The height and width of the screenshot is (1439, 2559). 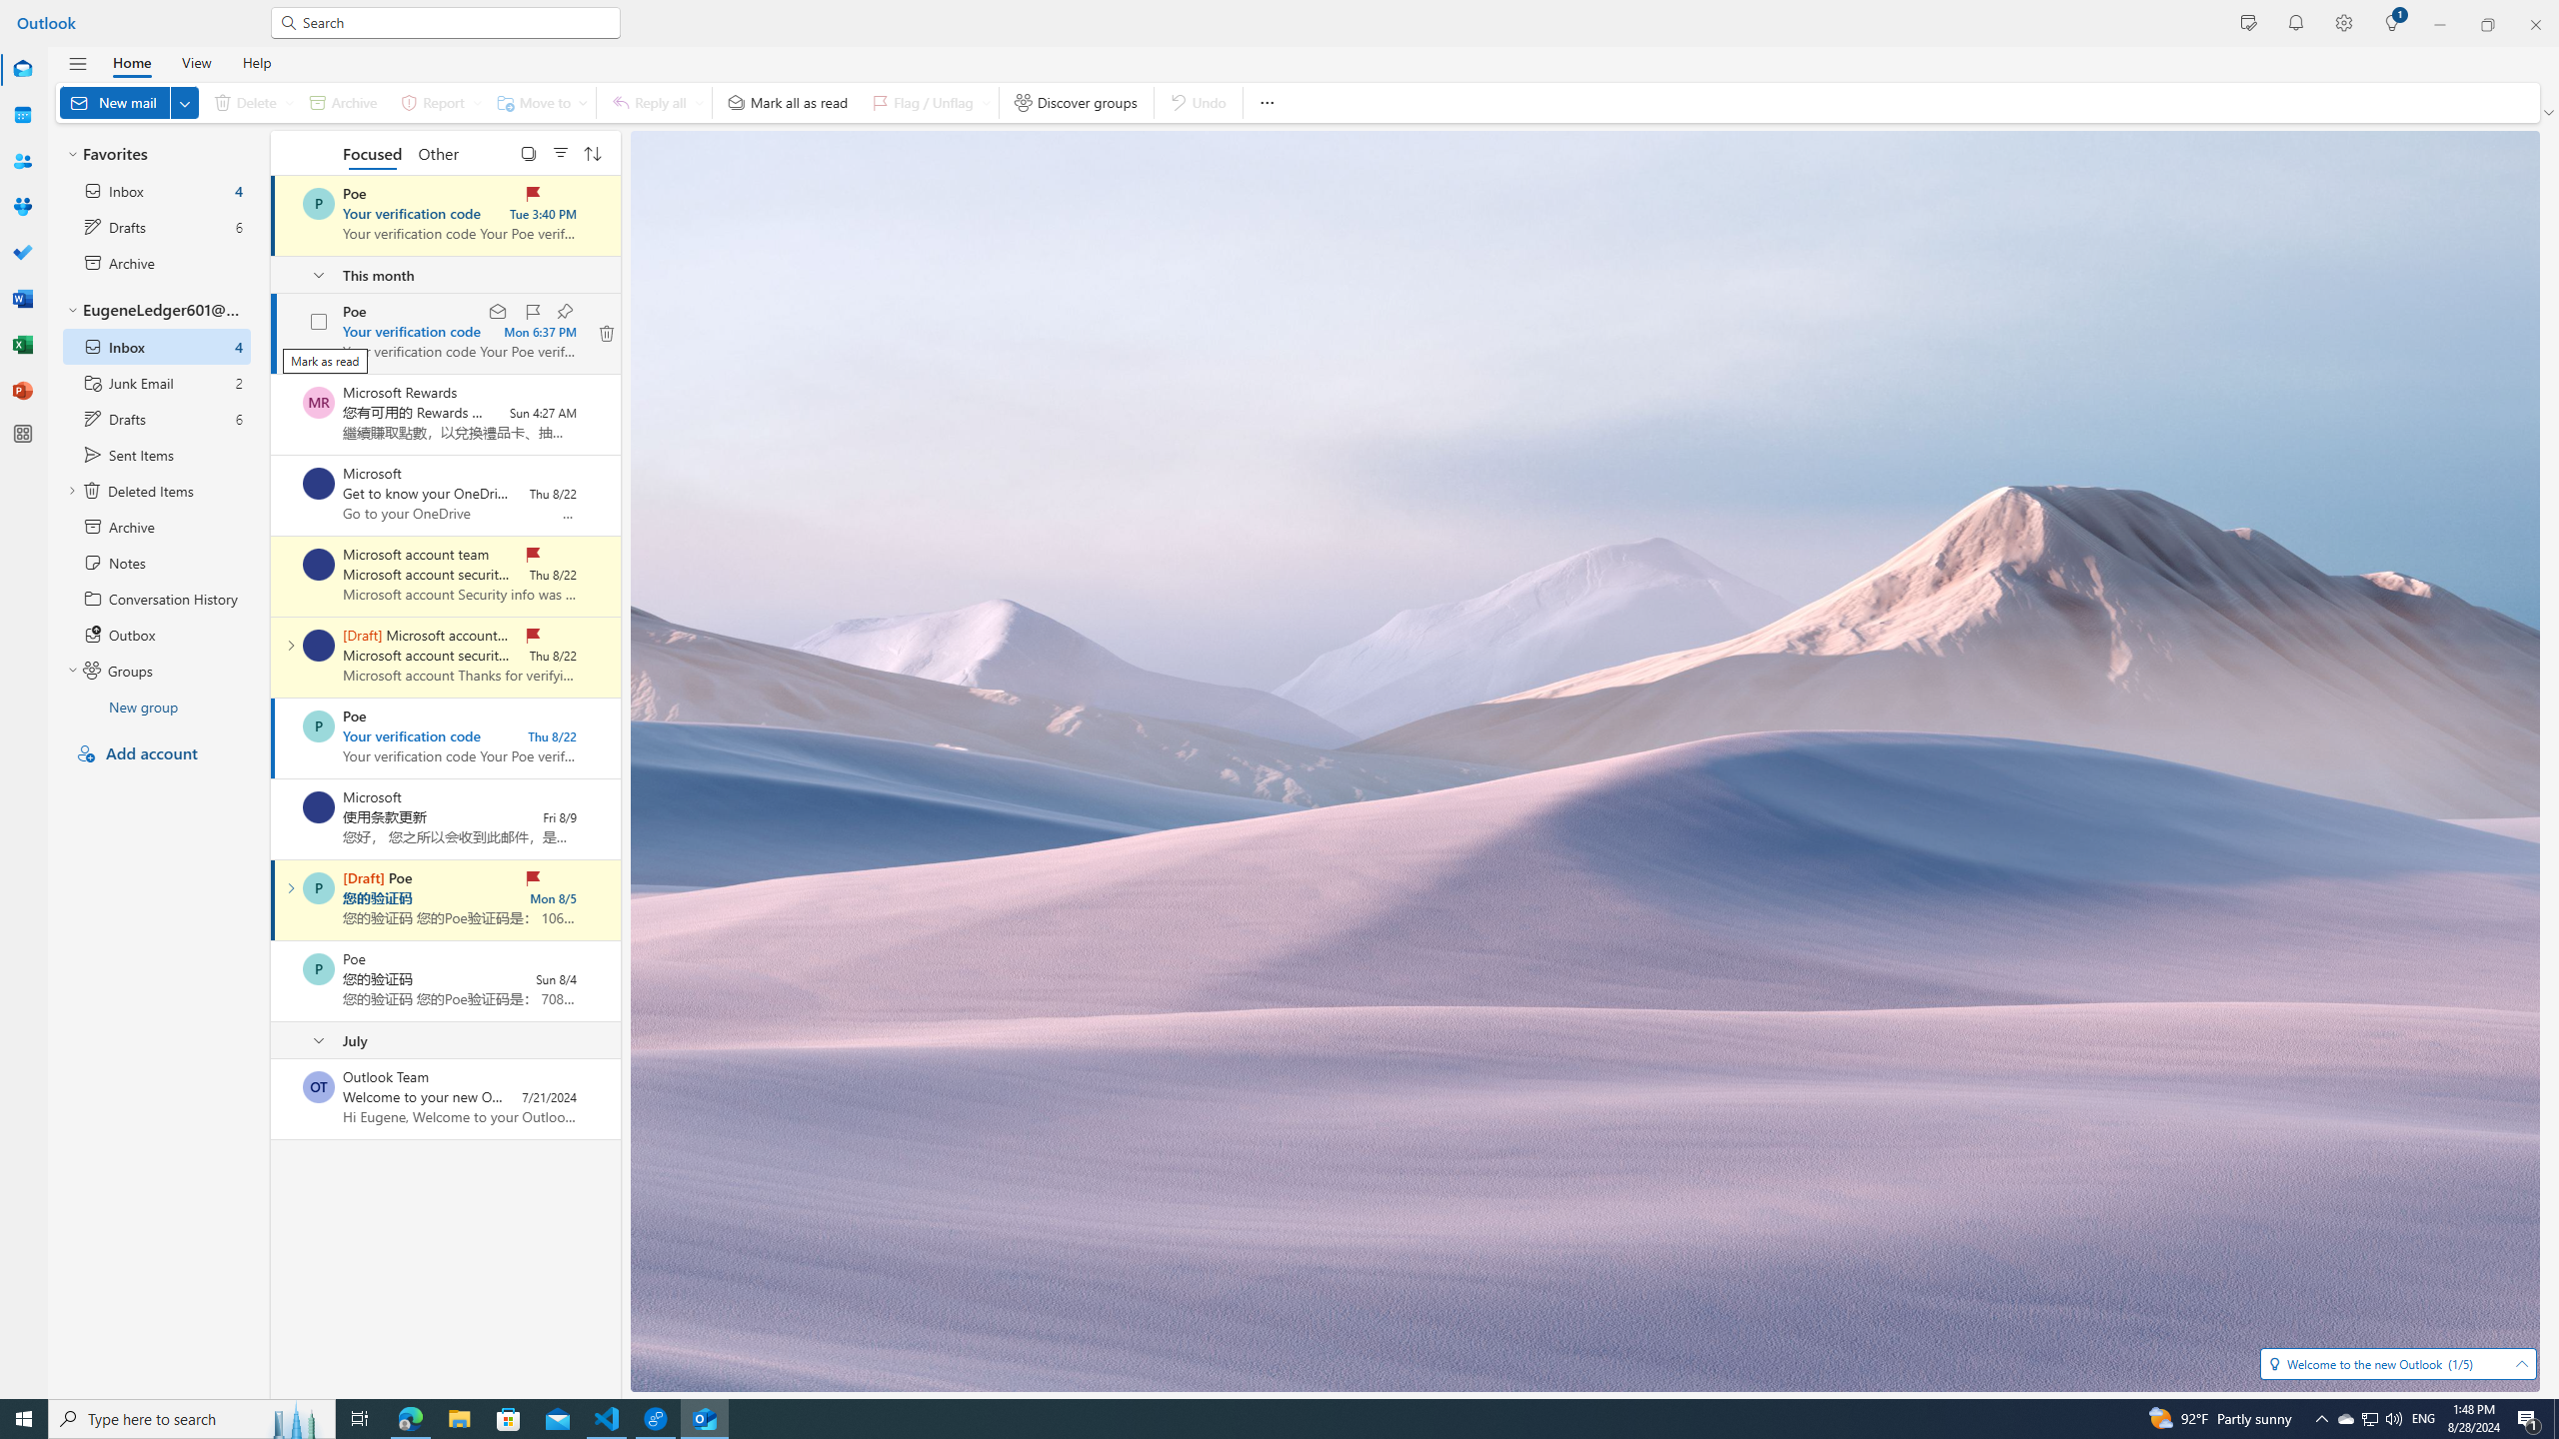 I want to click on 'Calendar', so click(x=23, y=114).